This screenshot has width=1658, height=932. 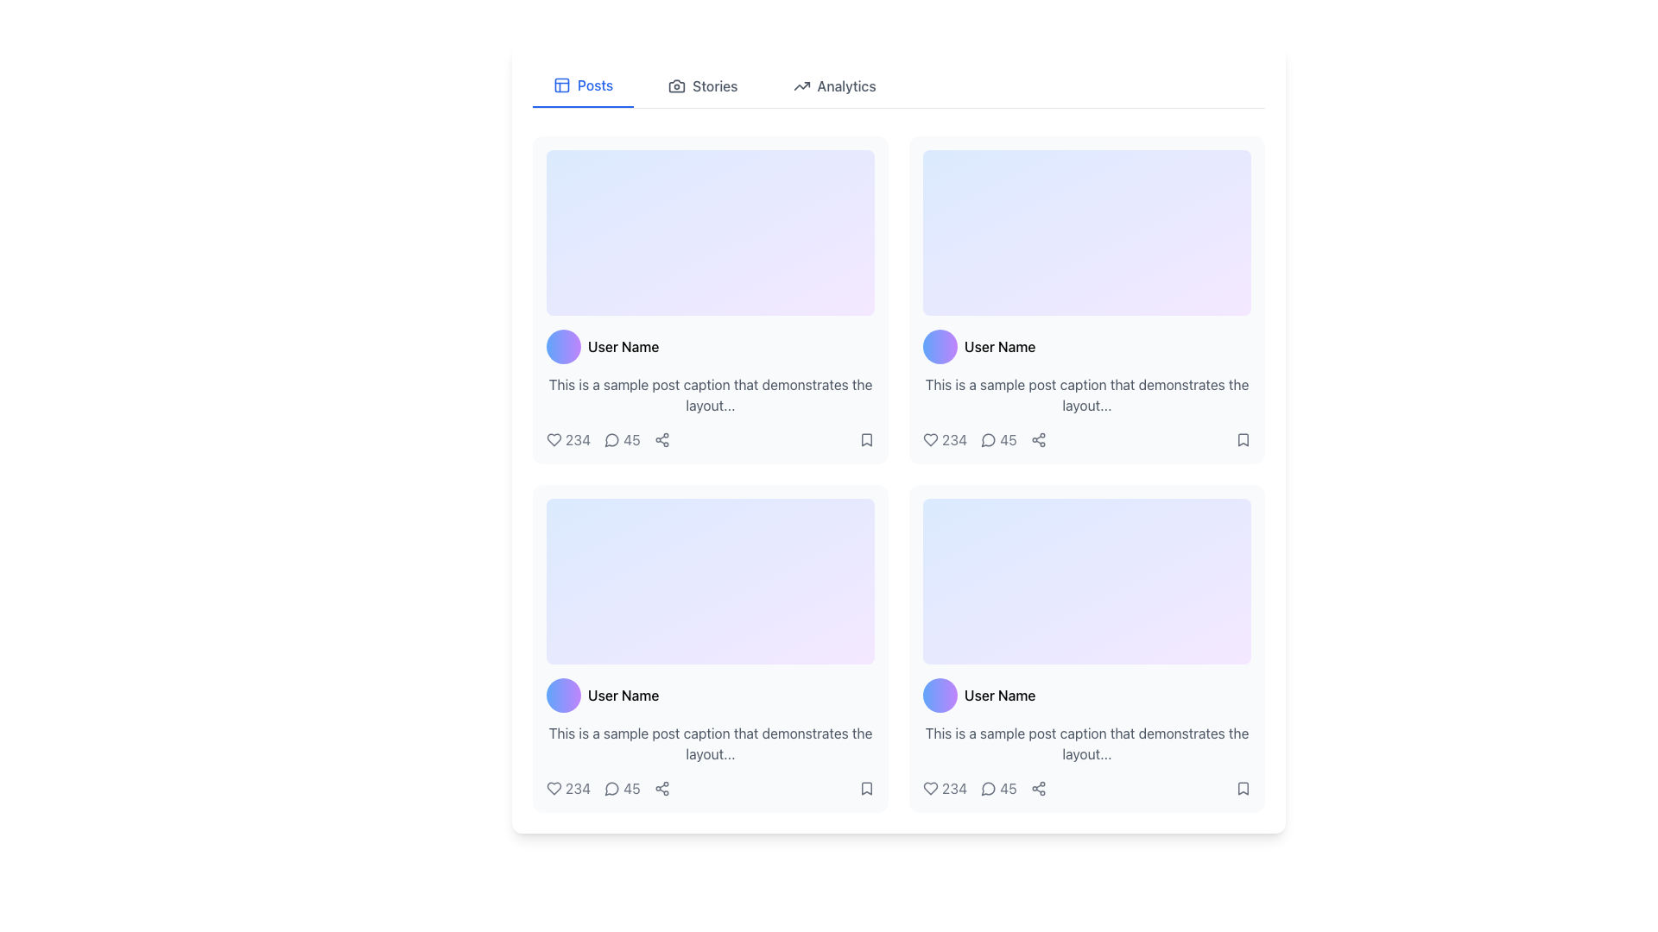 I want to click on the interactive button with a speech bubble icon and the number '45', so click(x=622, y=789).